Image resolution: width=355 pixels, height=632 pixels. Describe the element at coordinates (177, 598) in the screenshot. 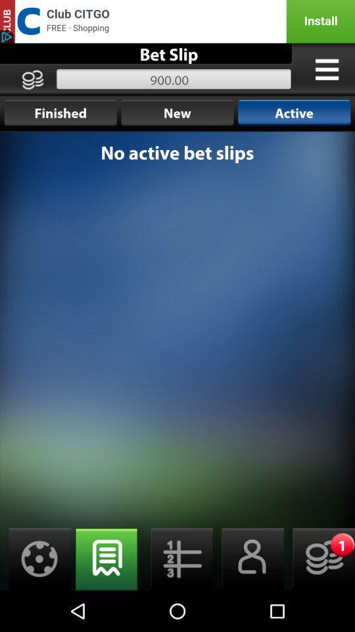

I see `the list icon` at that location.